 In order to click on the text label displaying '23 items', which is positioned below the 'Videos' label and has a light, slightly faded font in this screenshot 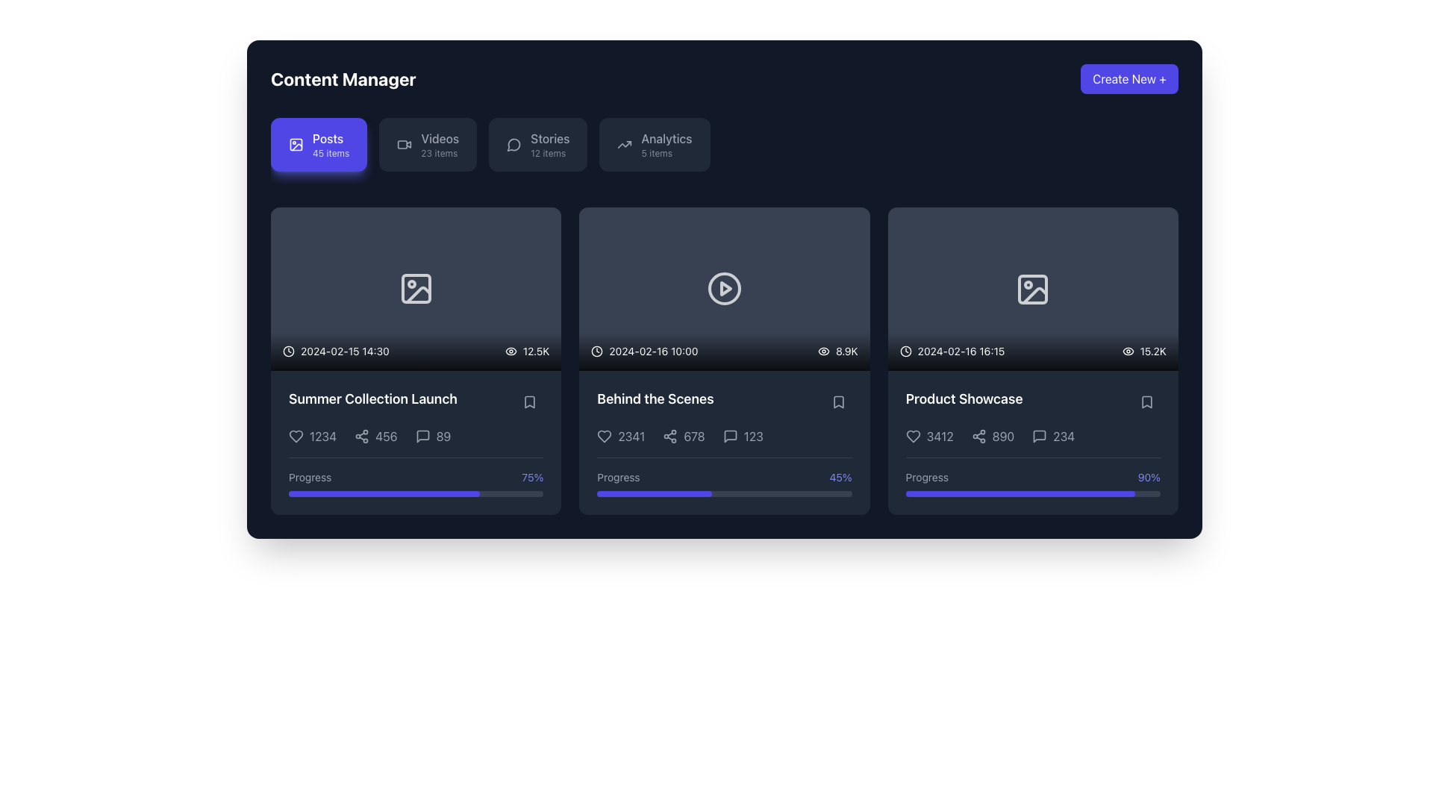, I will do `click(438, 153)`.